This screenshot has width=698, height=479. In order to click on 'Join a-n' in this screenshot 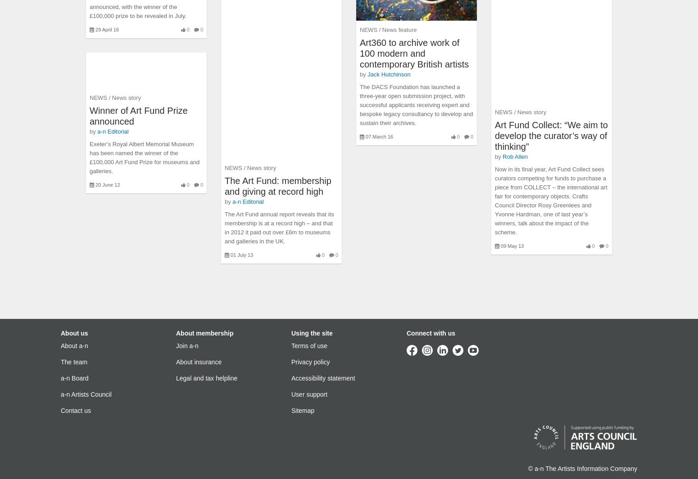, I will do `click(187, 346)`.